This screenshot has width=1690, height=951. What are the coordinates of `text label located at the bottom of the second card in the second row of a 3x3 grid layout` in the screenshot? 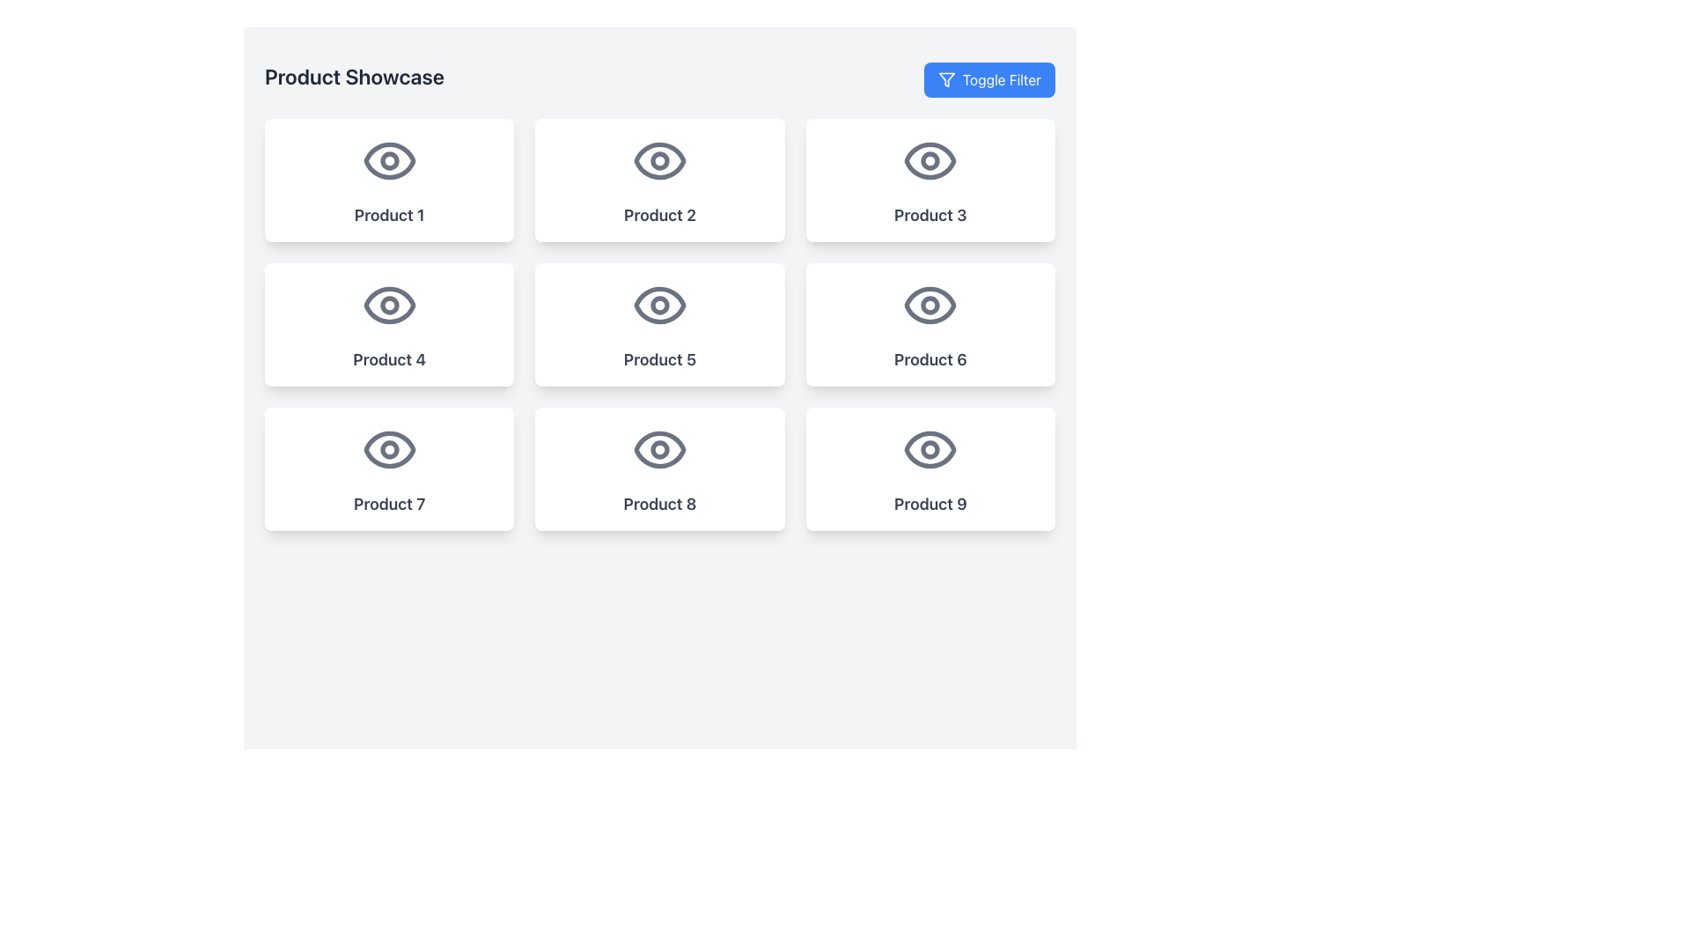 It's located at (658, 358).